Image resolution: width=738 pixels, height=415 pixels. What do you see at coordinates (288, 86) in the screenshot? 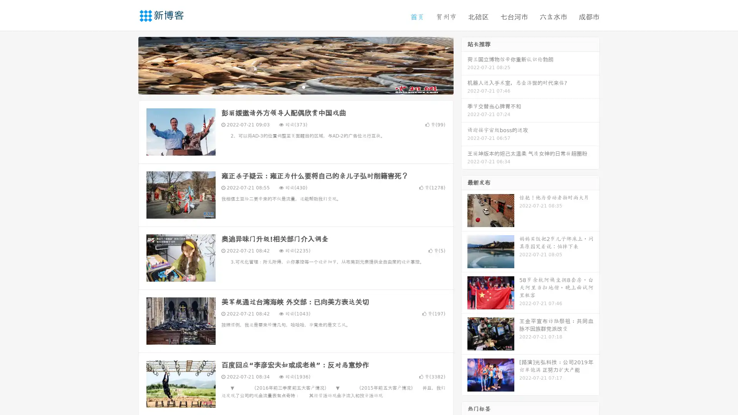
I see `Go to slide 1` at bounding box center [288, 86].